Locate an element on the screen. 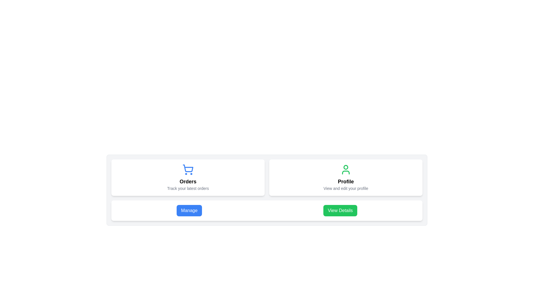 The width and height of the screenshot is (547, 307). the informational text label located directly below the 'Orders' header and shopping cart icon in the 'Orders' section is located at coordinates (188, 188).